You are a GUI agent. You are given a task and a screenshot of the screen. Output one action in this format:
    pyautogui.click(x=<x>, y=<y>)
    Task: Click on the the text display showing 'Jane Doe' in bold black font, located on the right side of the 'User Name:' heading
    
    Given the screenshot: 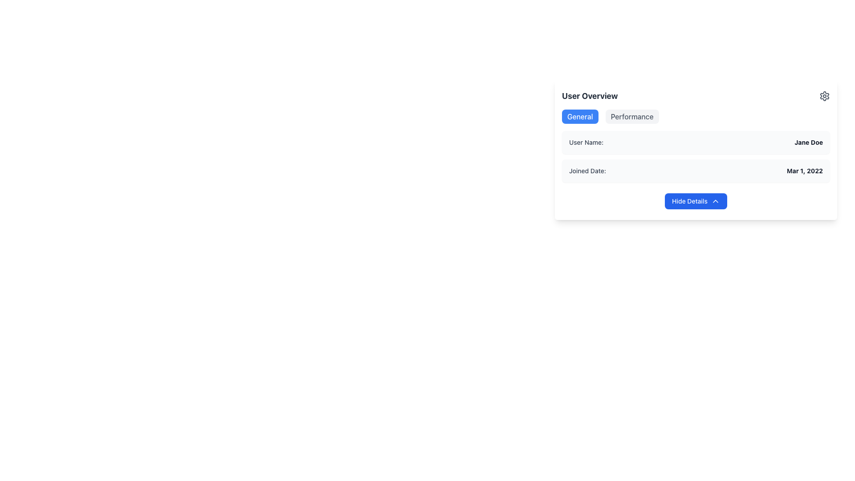 What is the action you would take?
    pyautogui.click(x=809, y=142)
    